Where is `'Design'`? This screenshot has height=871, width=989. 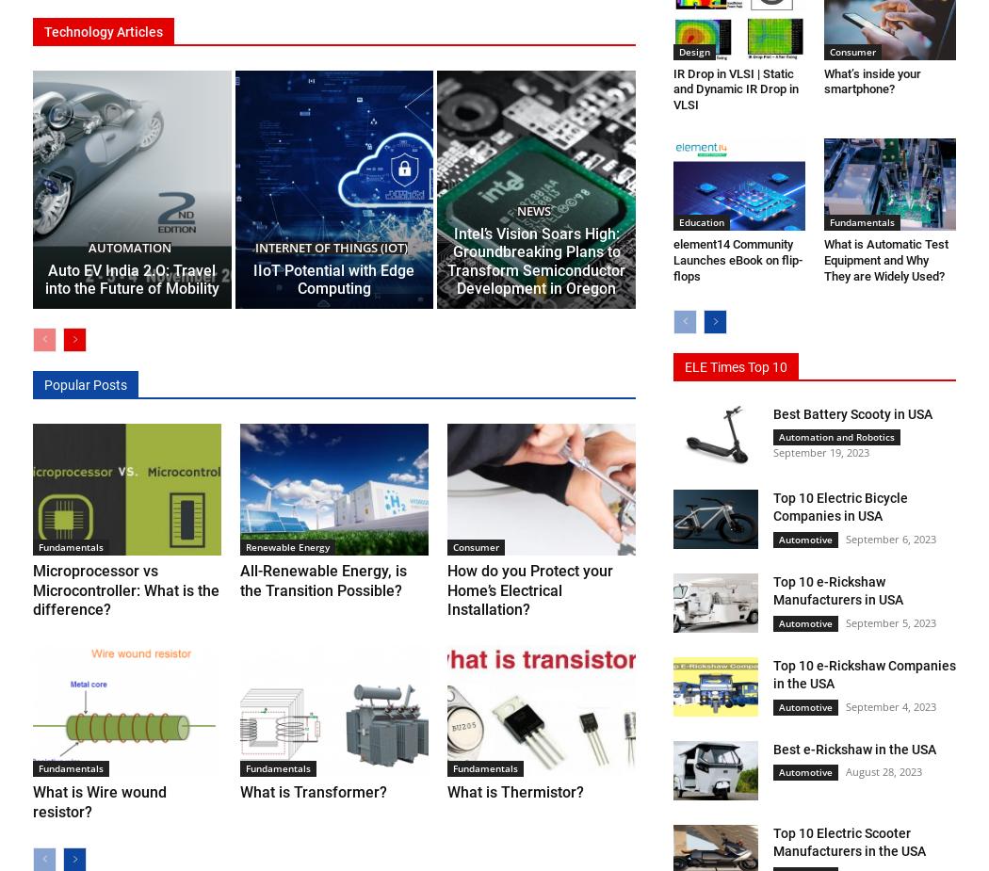 'Design' is located at coordinates (693, 50).